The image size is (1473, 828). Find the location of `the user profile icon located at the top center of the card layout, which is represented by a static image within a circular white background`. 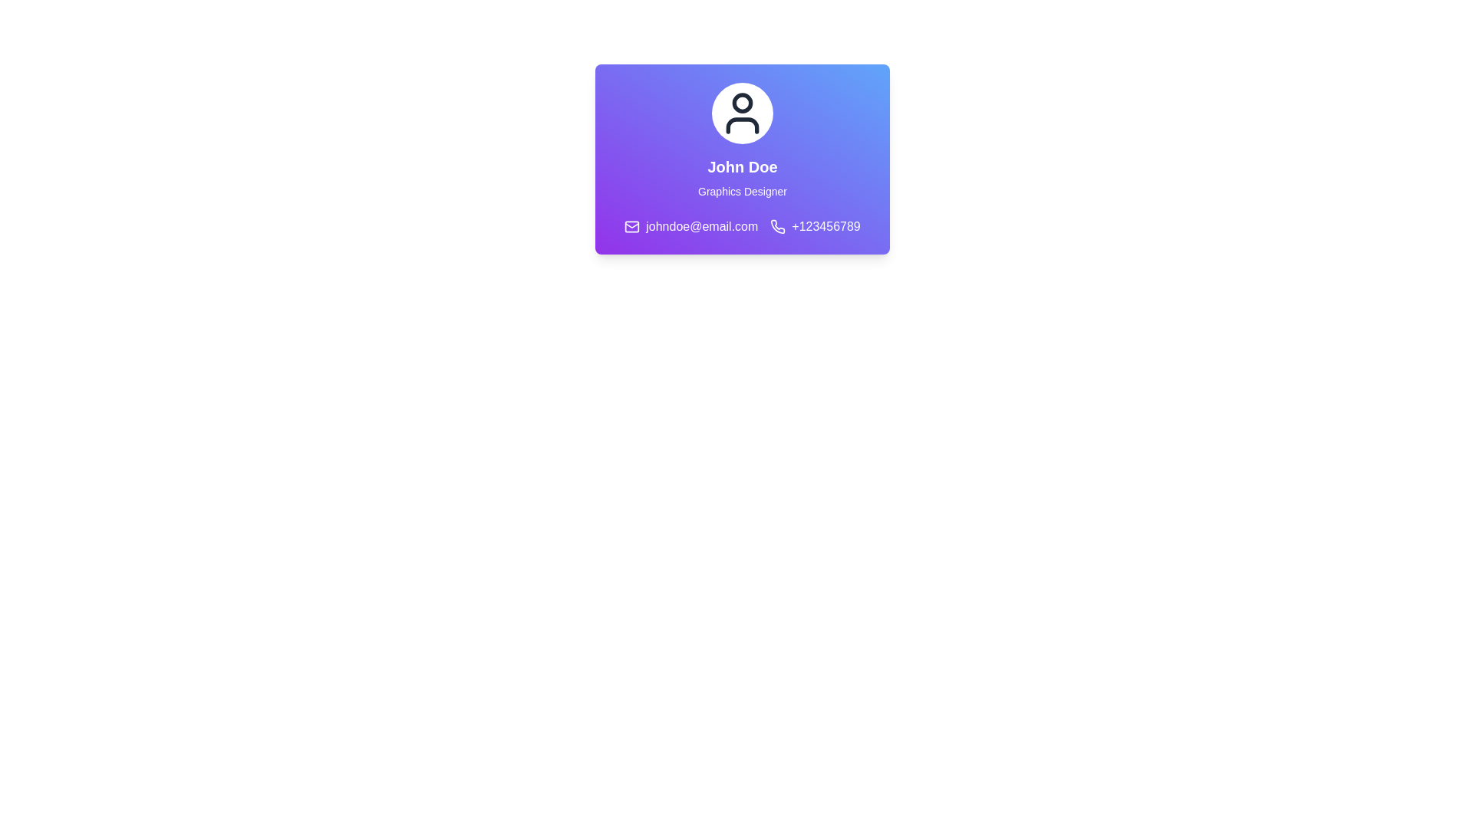

the user profile icon located at the top center of the card layout, which is represented by a static image within a circular white background is located at coordinates (743, 112).